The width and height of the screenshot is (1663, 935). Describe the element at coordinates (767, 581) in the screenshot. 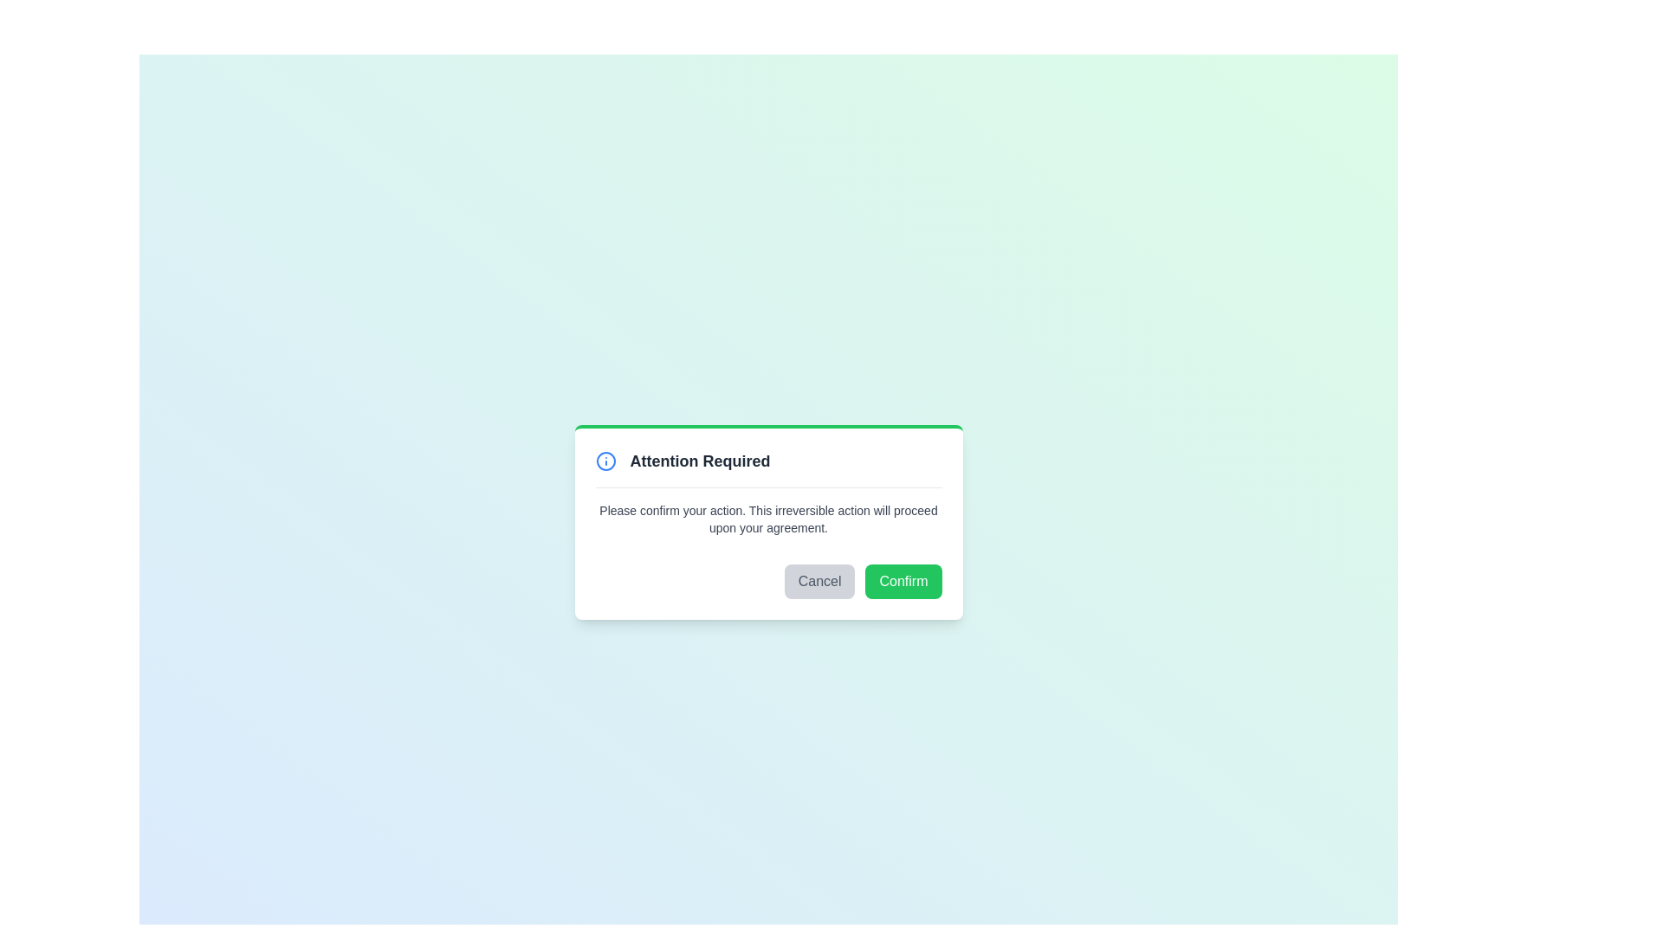

I see `the 'Cancel' or 'Confirm' button in the horizontal button group located at the bottom right of the modal dialog` at that location.